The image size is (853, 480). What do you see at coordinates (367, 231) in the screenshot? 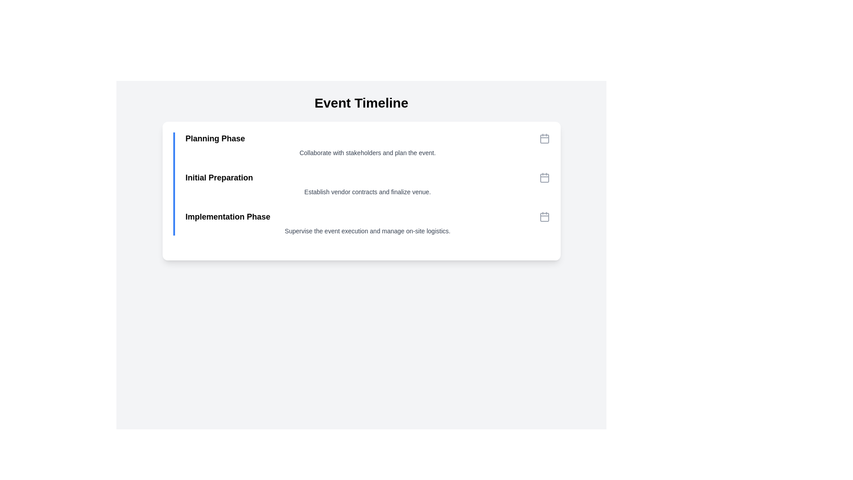
I see `the text element that reads 'Supervise the event execution and manage on-site logistics.' located at the end of the 'Implementation Phase' section in the event timeline` at bounding box center [367, 231].